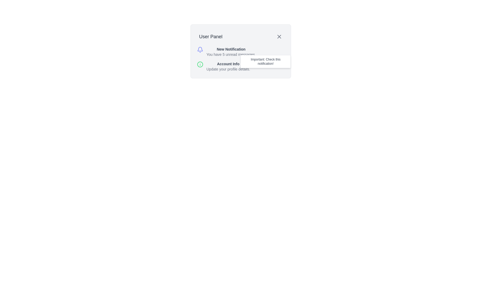  Describe the element at coordinates (228, 66) in the screenshot. I see `descriptive text of the 'Account Info' label, which includes the bold text 'Account Info' and the lighter text 'Update your profile details.'` at that location.